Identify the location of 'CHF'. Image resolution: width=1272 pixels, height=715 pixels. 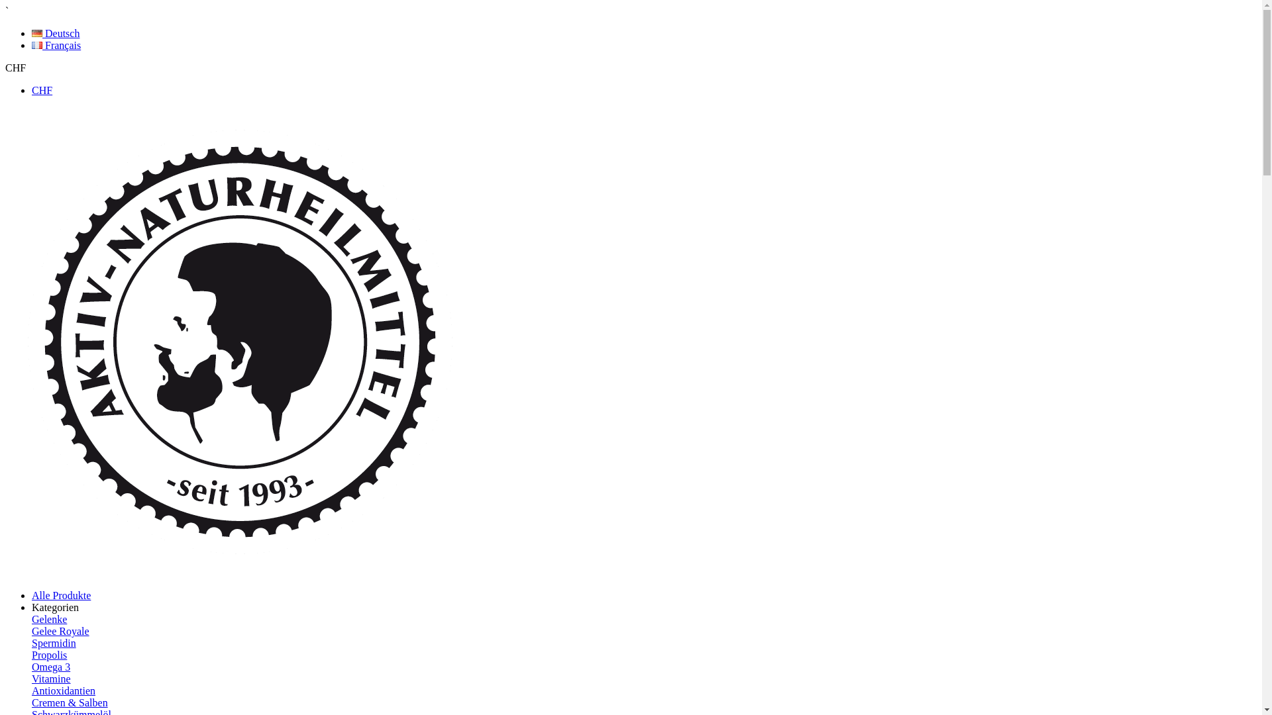
(15, 68).